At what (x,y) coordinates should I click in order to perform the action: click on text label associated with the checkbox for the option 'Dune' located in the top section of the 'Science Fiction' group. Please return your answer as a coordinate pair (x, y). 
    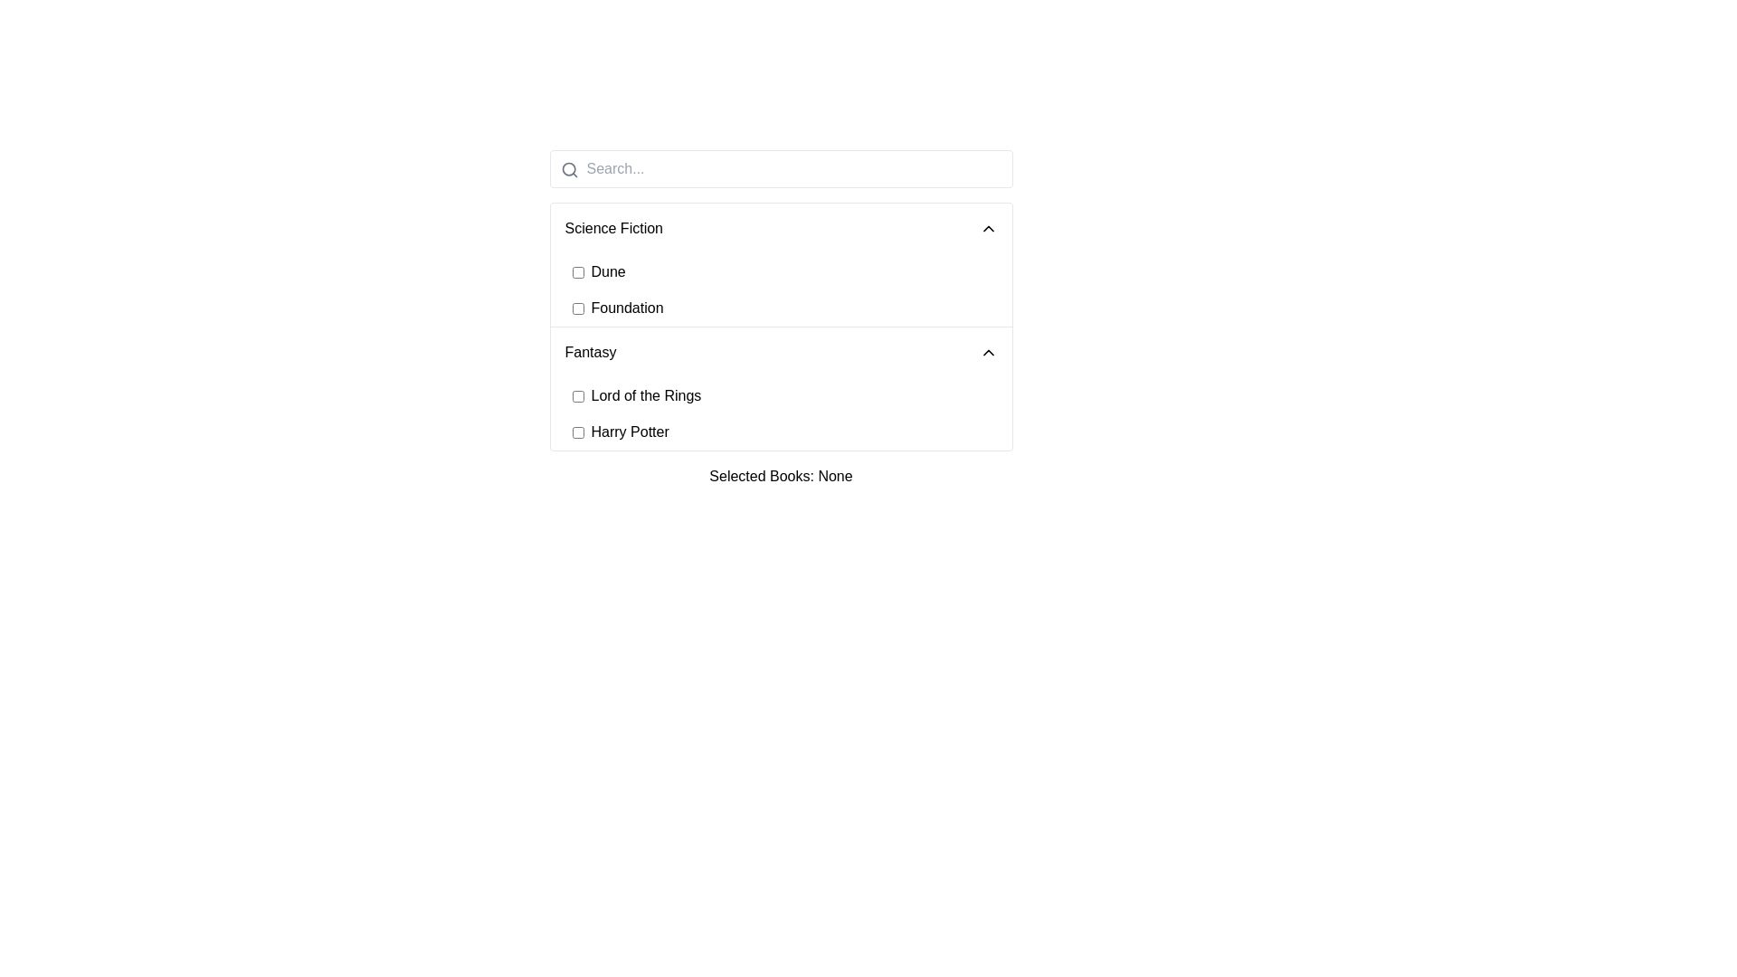
    Looking at the image, I should click on (608, 271).